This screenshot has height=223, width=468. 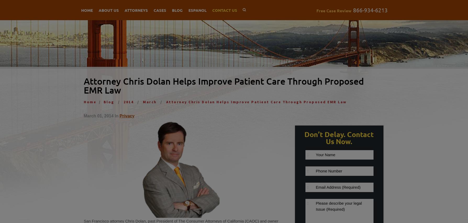 I want to click on 'Car, Bike & Motorcycle Crashes', so click(x=188, y=26).